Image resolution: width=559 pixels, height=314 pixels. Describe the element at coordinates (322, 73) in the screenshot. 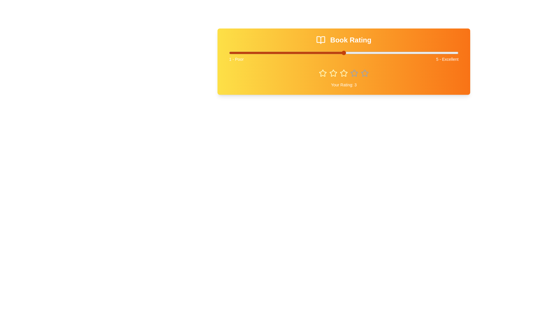

I see `the third star-shaped icon in the rating scale under the 'Book Rating' card` at that location.